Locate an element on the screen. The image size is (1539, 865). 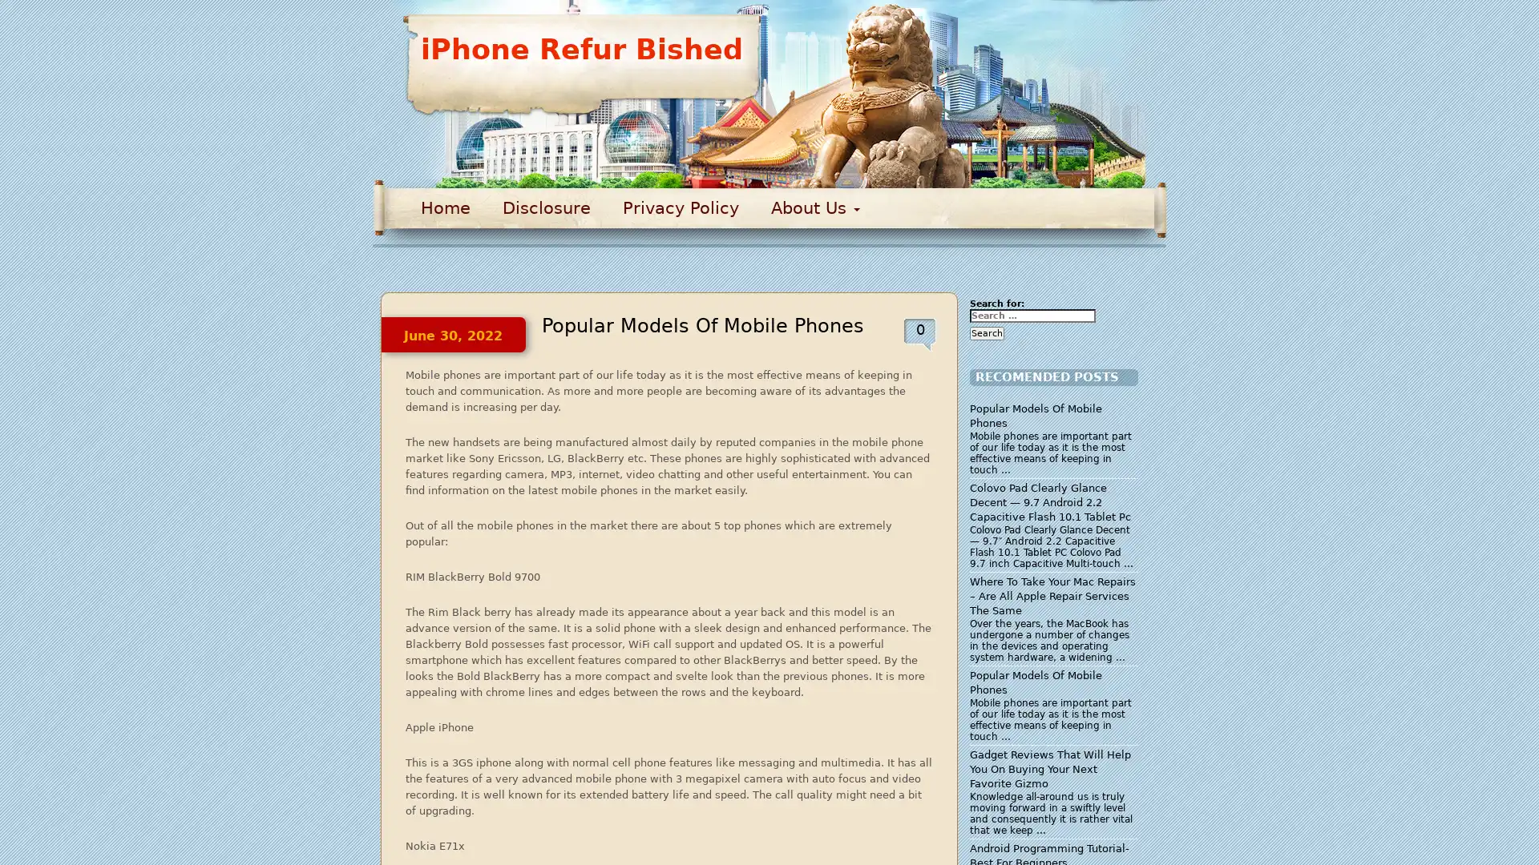
Search is located at coordinates (986, 332).